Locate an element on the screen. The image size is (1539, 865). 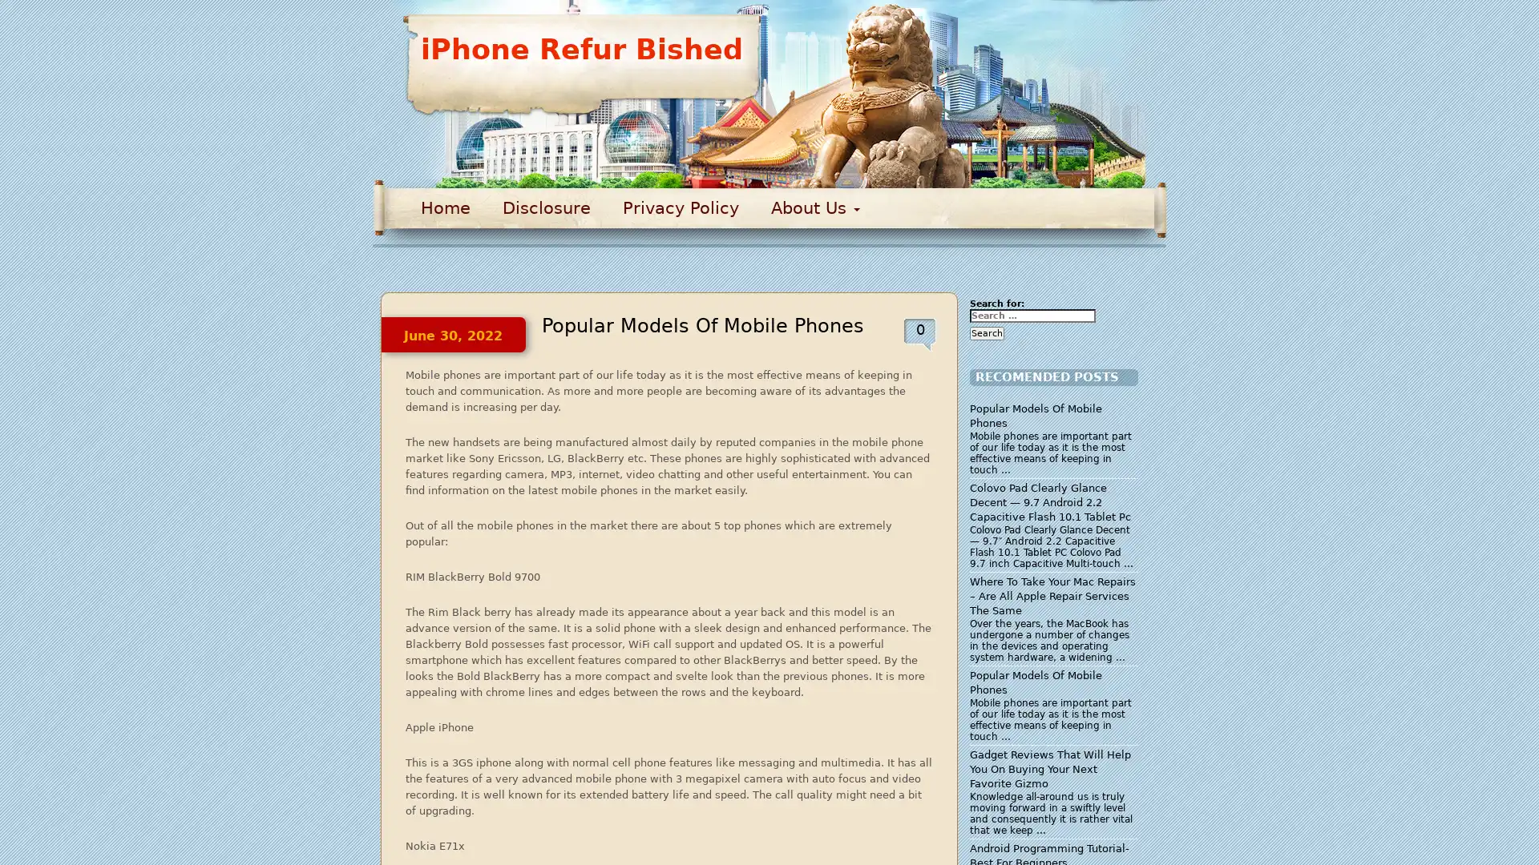
Search is located at coordinates (986, 332).